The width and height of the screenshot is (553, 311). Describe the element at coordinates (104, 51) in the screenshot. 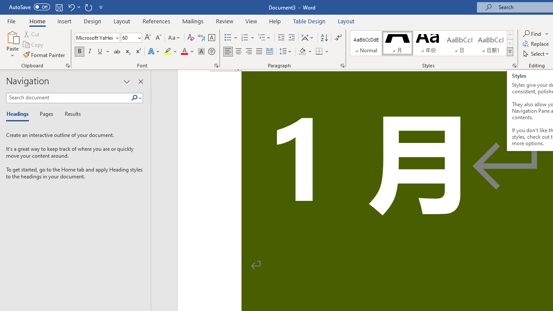

I see `'Underline'` at that location.